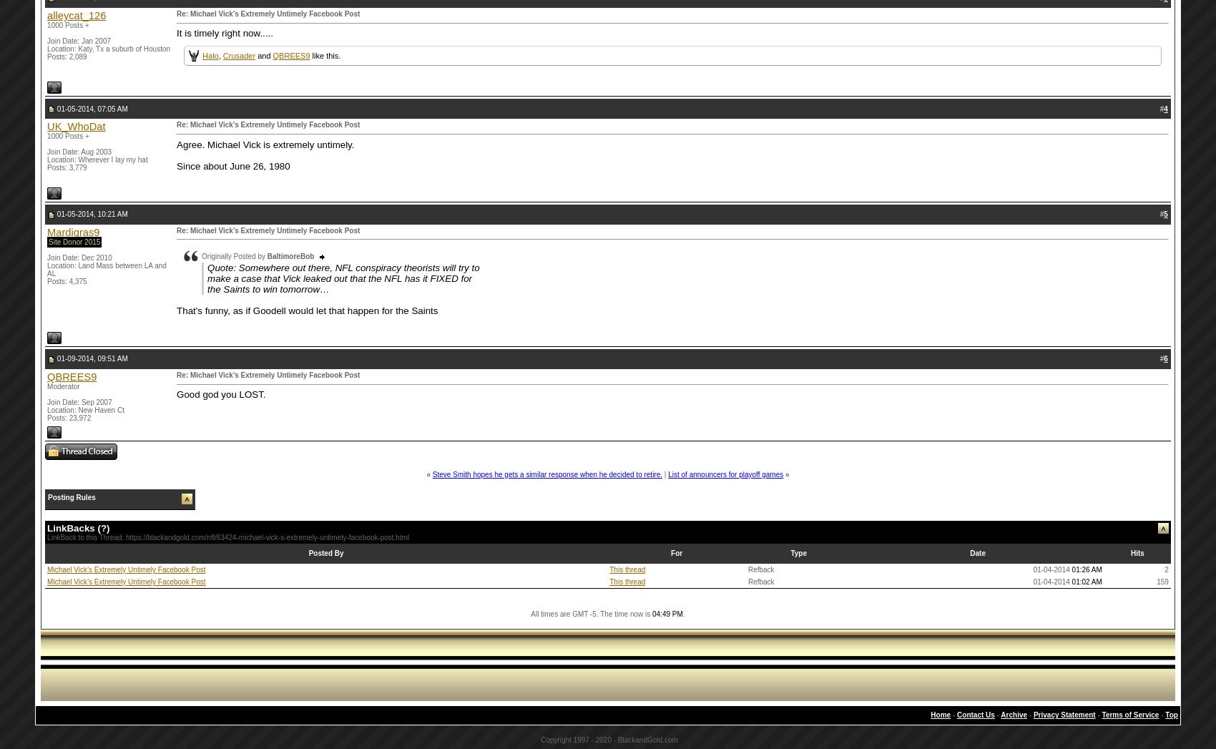 This screenshot has width=1216, height=749. Describe the element at coordinates (69, 416) in the screenshot. I see `'Posts: 23,972'` at that location.